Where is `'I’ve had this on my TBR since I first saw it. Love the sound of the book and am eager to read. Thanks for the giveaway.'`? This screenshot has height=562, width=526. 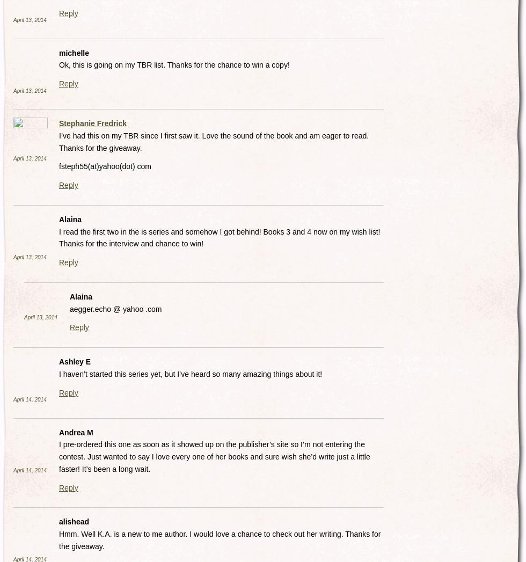 'I’ve had this on my TBR since I first saw it. Love the sound of the book and am eager to read. Thanks for the giveaway.' is located at coordinates (214, 141).